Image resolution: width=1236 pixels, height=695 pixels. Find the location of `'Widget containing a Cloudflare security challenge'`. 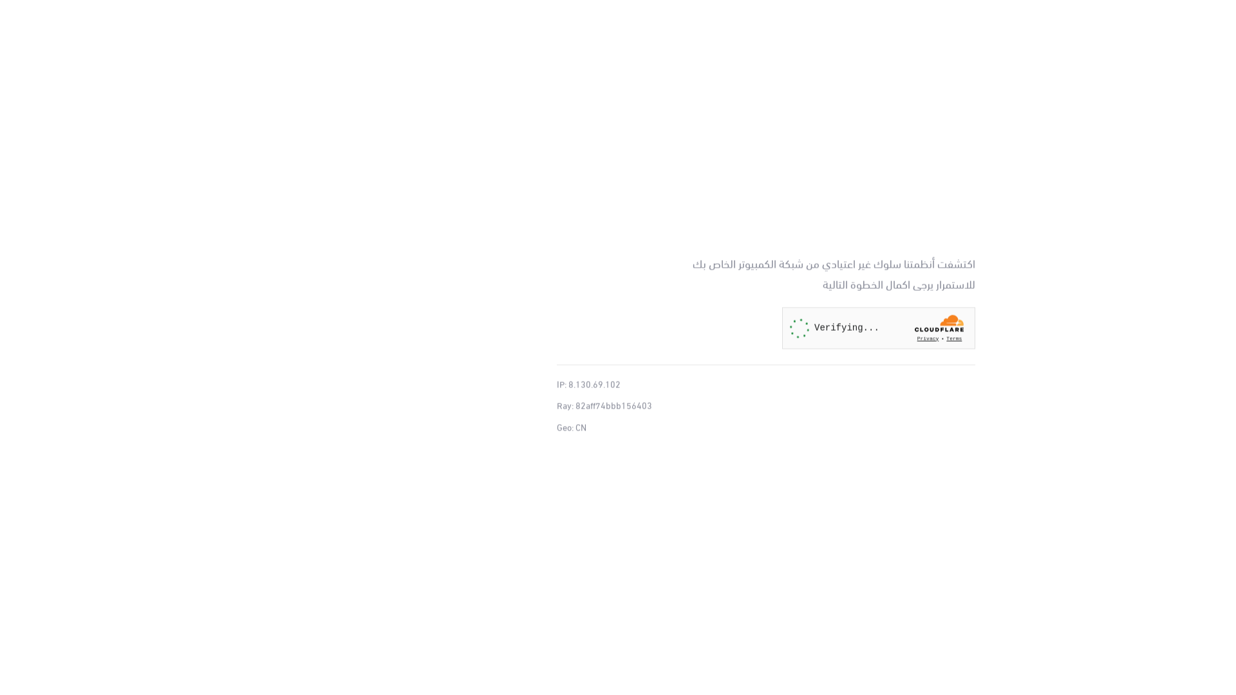

'Widget containing a Cloudflare security challenge' is located at coordinates (877, 327).